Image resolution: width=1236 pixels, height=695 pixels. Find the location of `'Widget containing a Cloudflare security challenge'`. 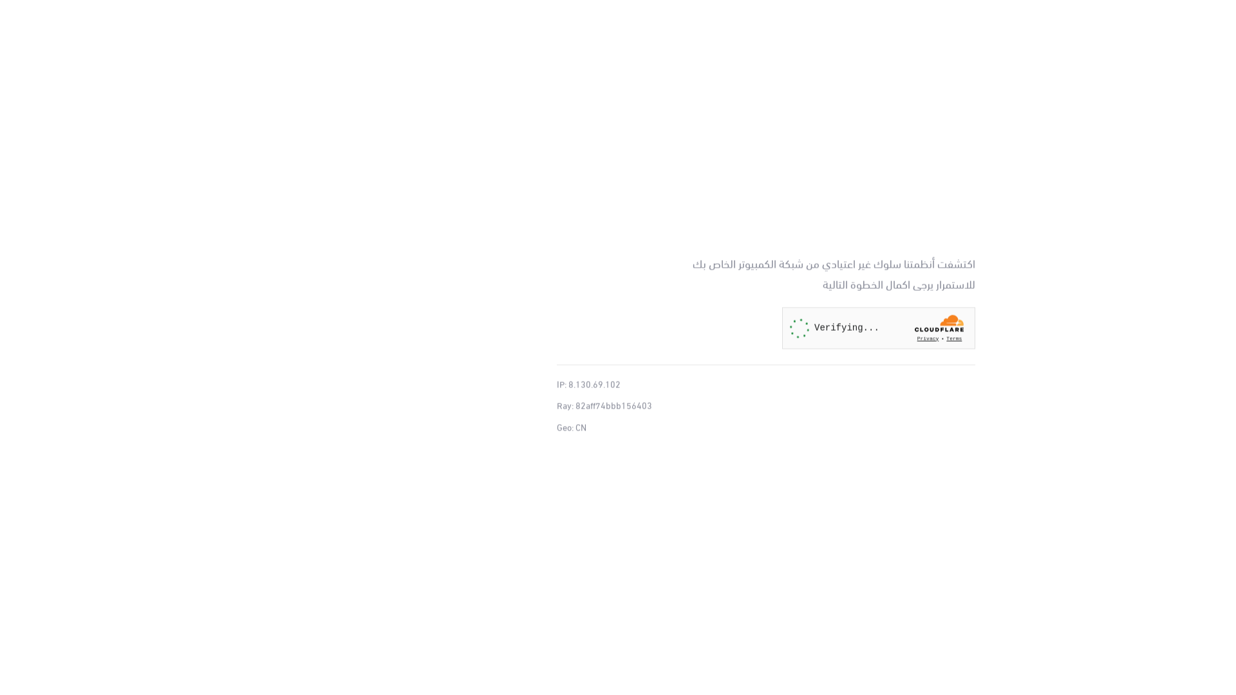

'Widget containing a Cloudflare security challenge' is located at coordinates (877, 327).